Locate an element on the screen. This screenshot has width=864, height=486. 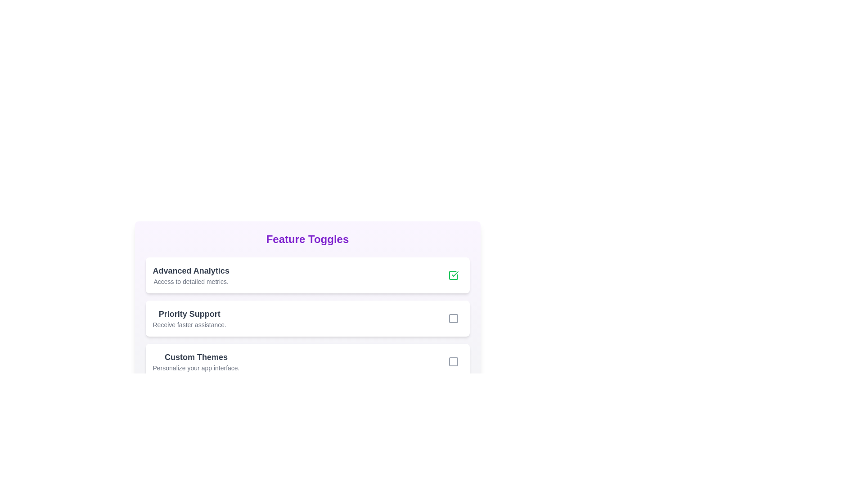
the interactive checkbox for 'Custom Themes' located in the bottom row of the feature toggles list is located at coordinates (453, 361).